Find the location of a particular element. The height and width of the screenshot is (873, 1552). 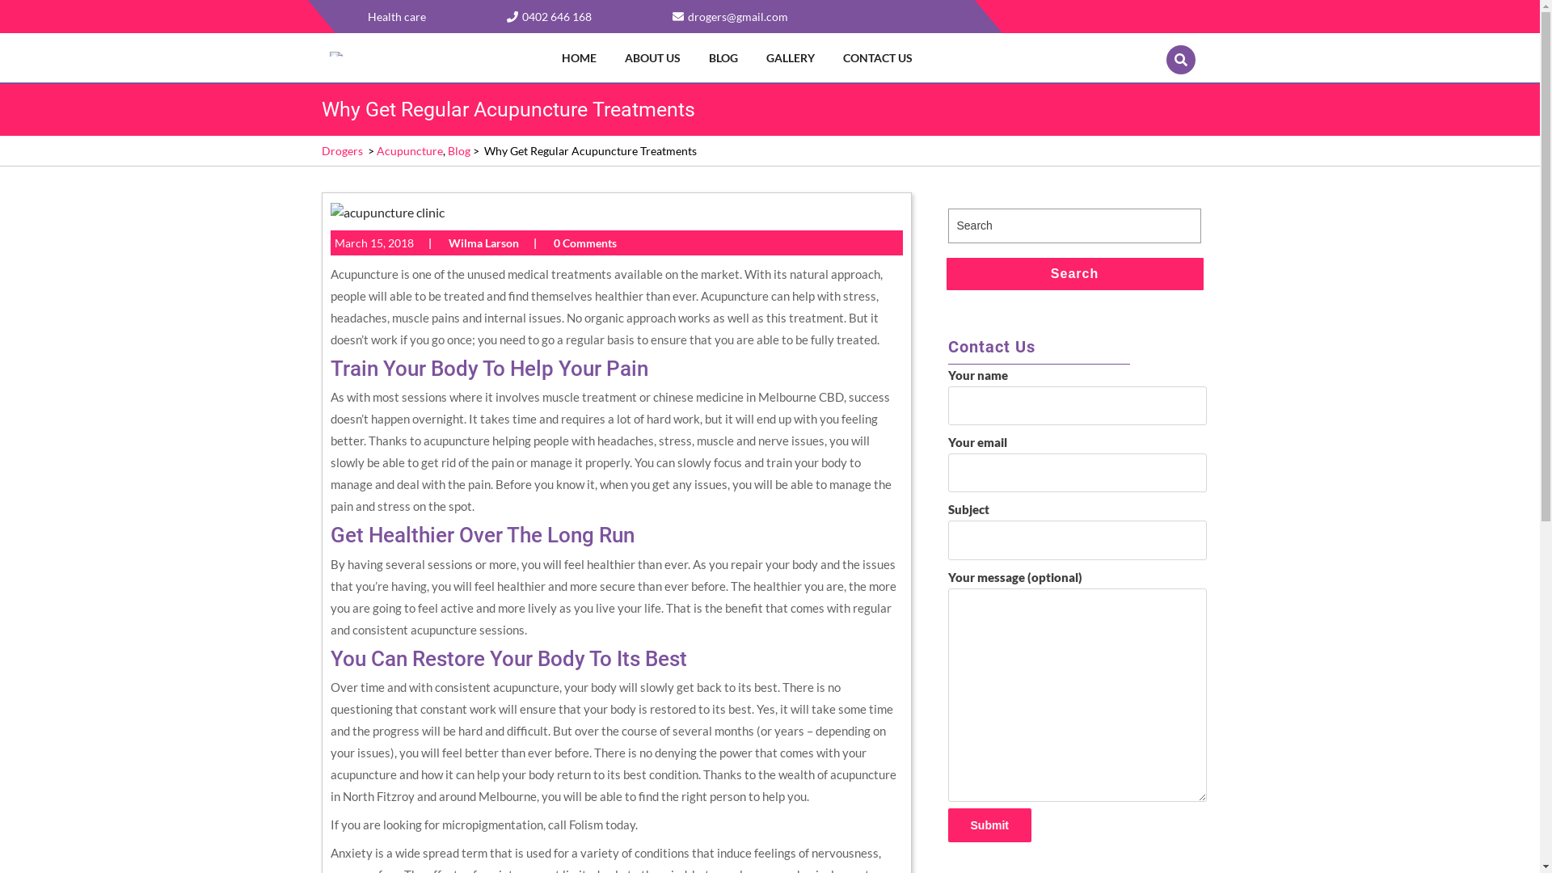

'GALLERY' is located at coordinates (794, 57).